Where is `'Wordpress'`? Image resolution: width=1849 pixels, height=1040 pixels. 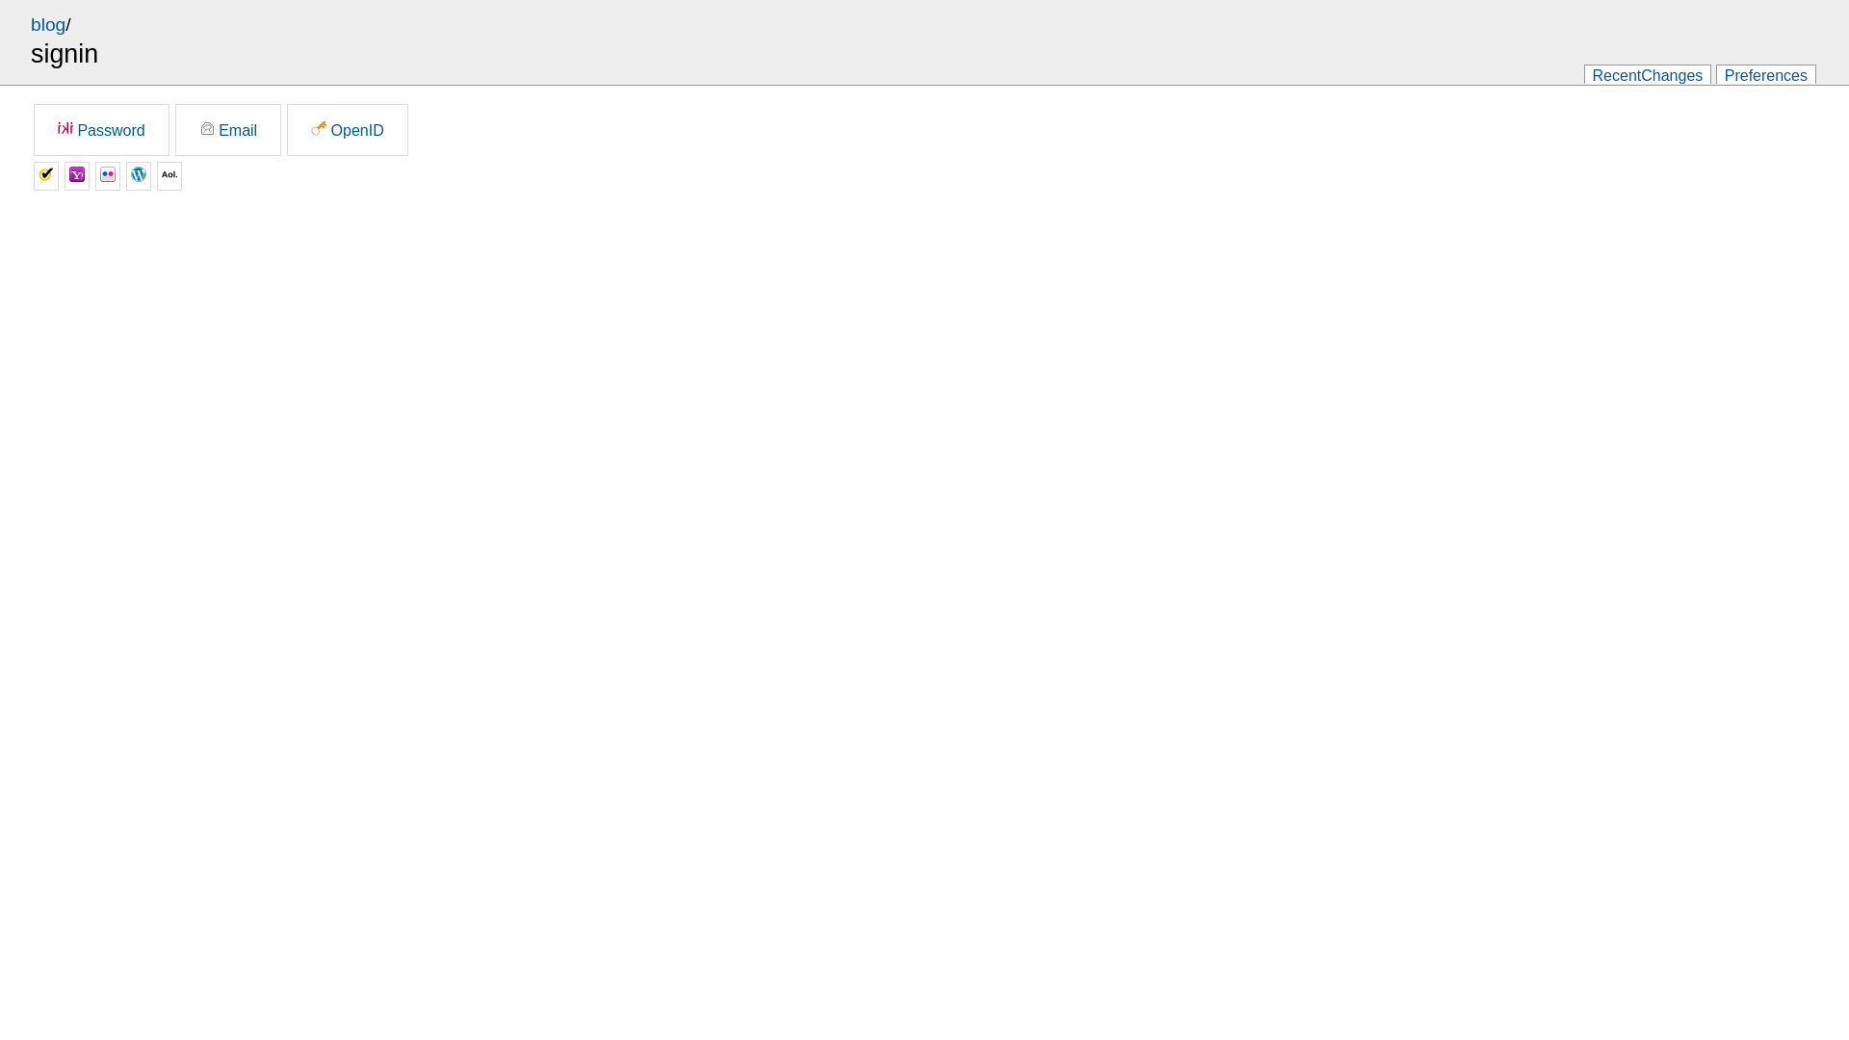 'Wordpress' is located at coordinates (138, 175).